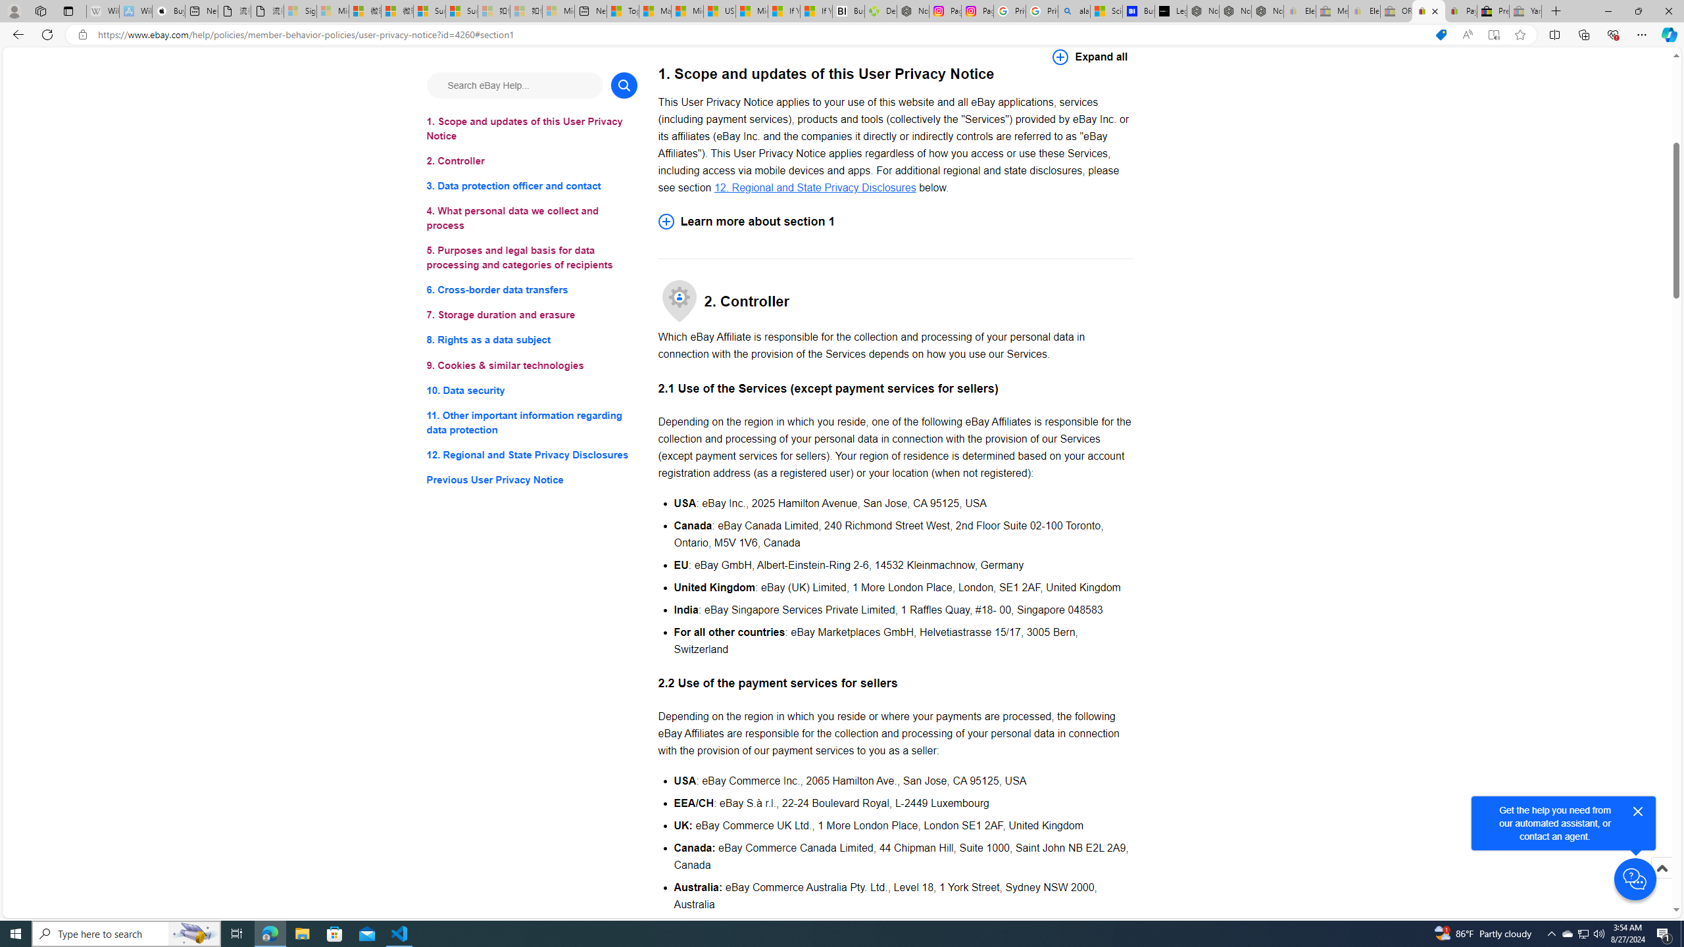  Describe the element at coordinates (531, 160) in the screenshot. I see `'2. Controller'` at that location.